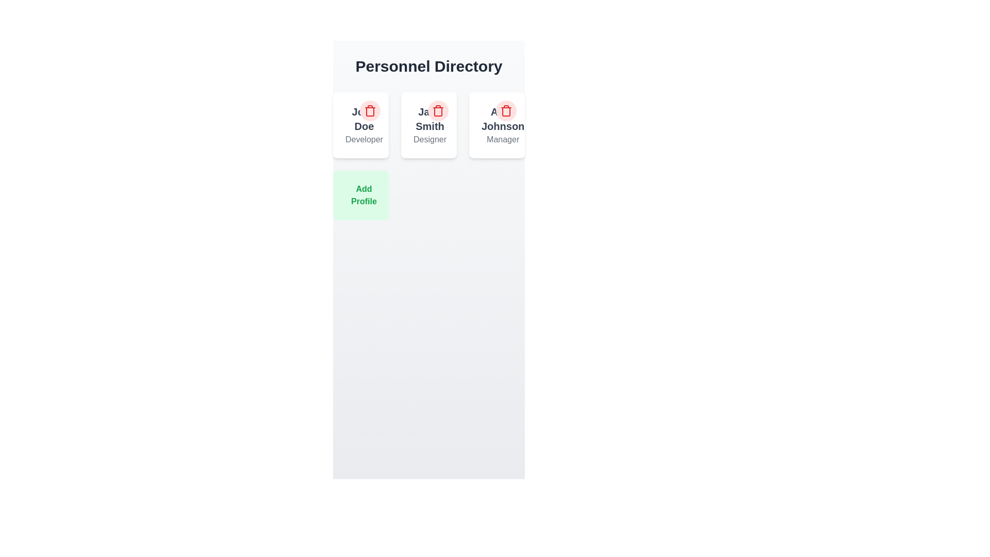 This screenshot has width=990, height=557. I want to click on the delete button located in the top-right corner of the personnel card displaying 'John Doe', who is identified as a Developer, to initiate the delete action, so click(370, 111).